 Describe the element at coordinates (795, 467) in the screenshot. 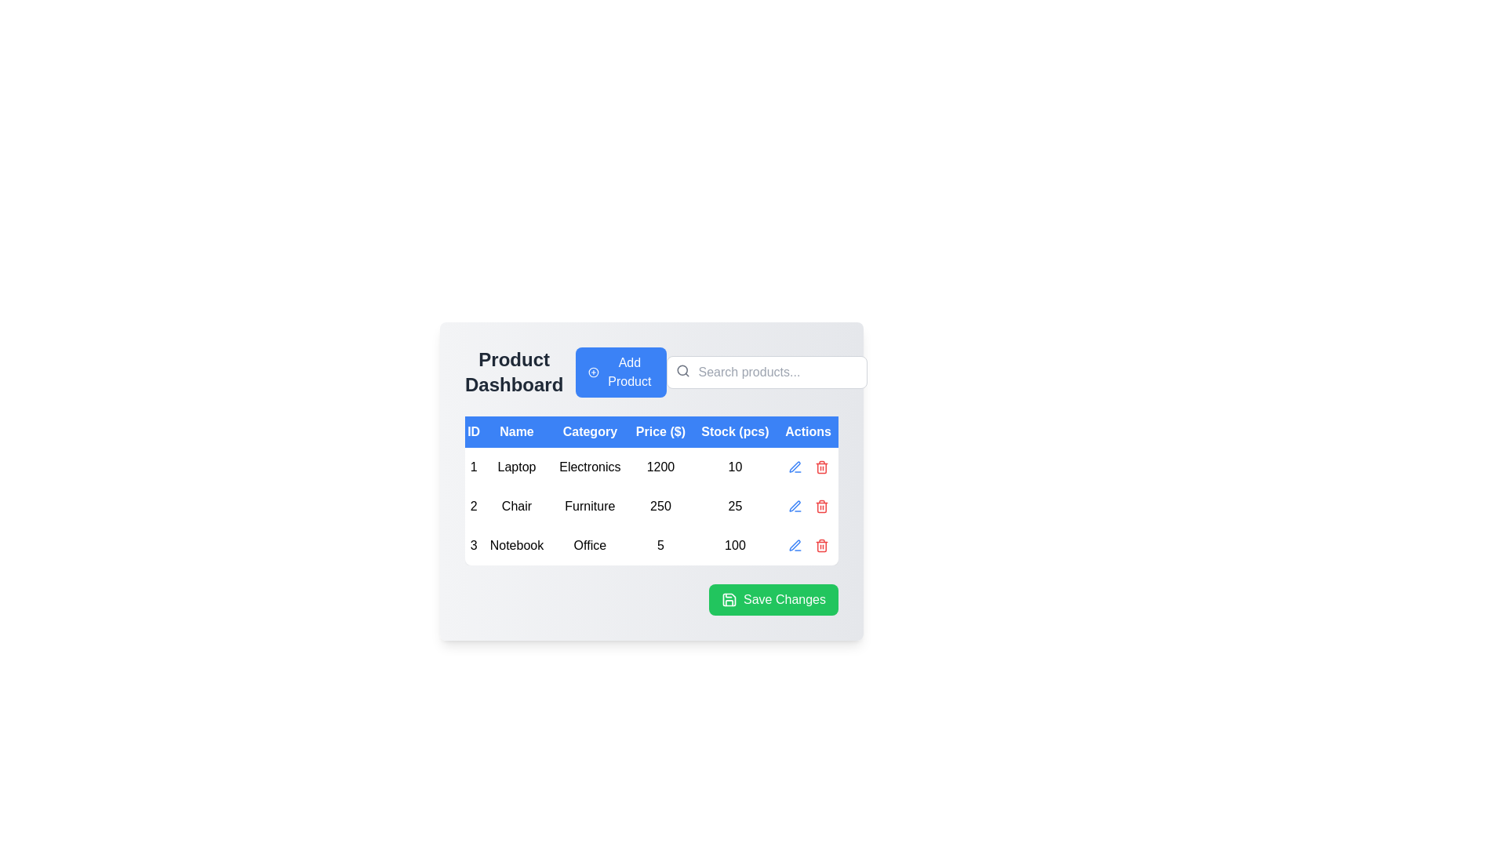

I see `the blue pen icon located in the 'Actions' column of the first row of the table to observe the hover effect that darkens its color` at that location.